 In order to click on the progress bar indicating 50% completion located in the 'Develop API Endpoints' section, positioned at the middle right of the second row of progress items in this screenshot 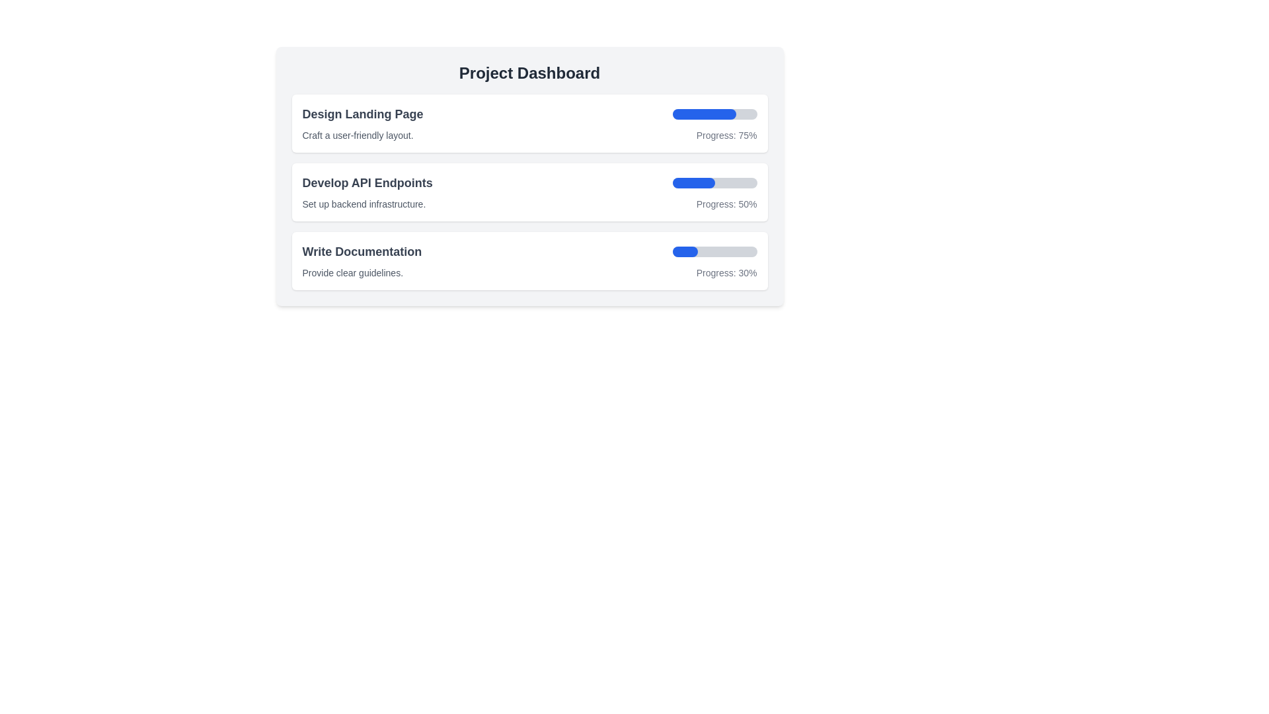, I will do `click(714, 183)`.